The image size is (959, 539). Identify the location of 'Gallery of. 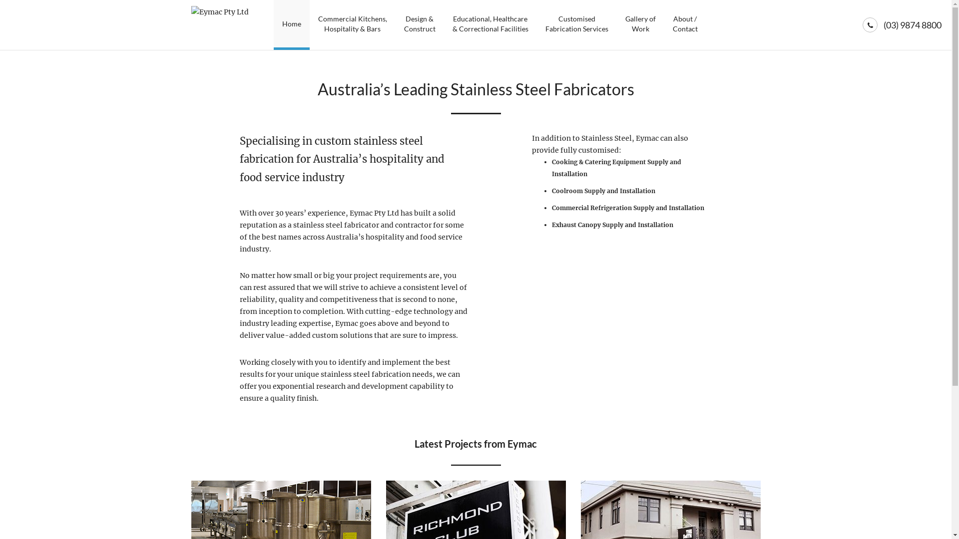
(640, 24).